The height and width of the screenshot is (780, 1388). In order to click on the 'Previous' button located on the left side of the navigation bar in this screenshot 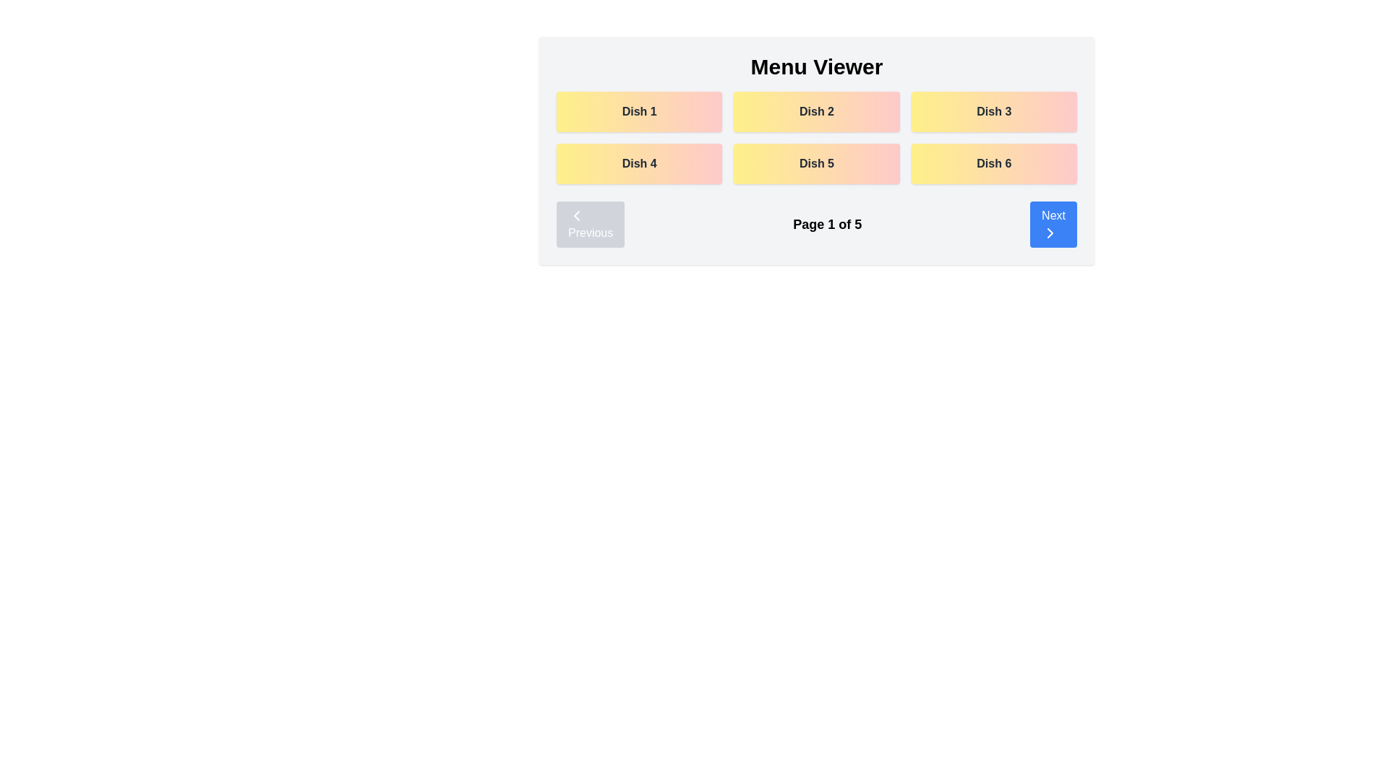, I will do `click(591, 225)`.